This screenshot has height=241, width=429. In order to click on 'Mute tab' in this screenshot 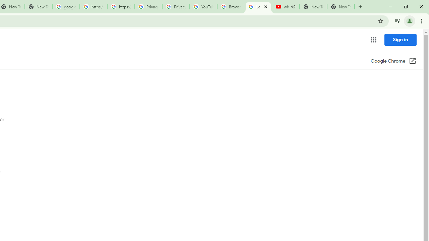, I will do `click(293, 7)`.